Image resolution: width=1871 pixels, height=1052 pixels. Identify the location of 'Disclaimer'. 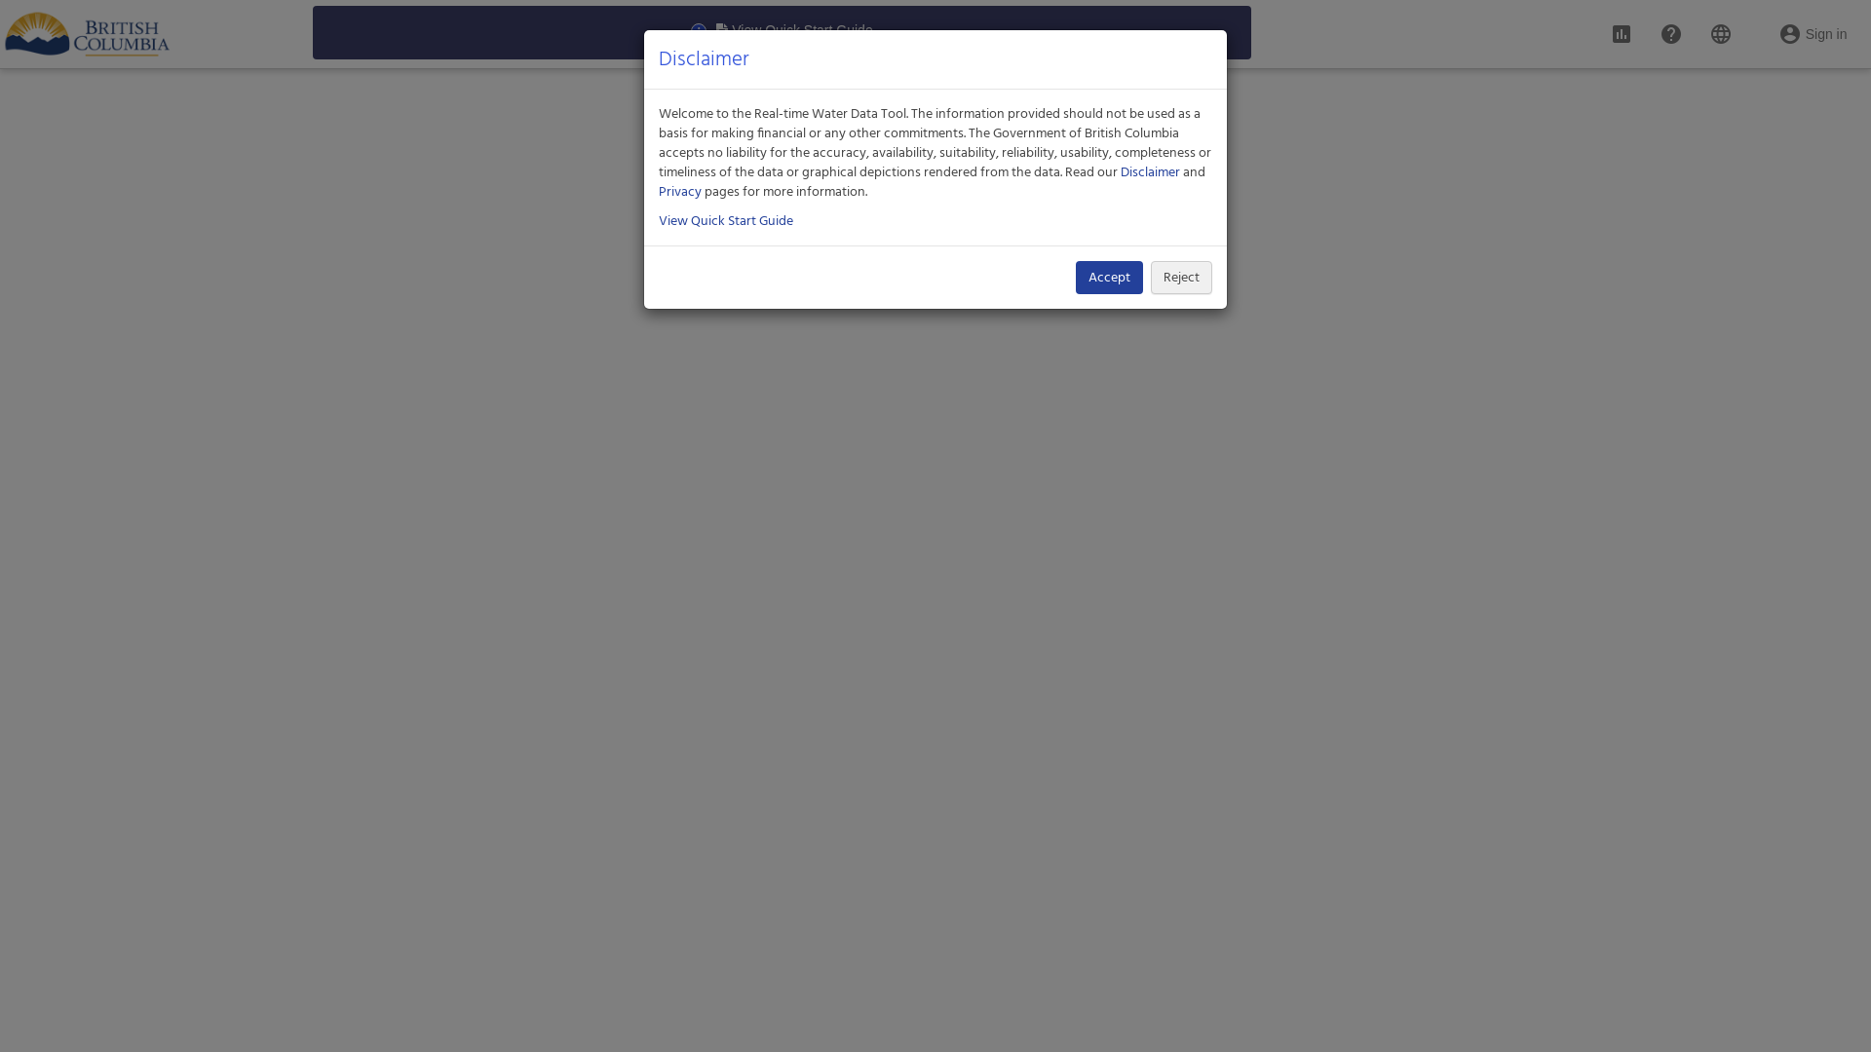
(1121, 171).